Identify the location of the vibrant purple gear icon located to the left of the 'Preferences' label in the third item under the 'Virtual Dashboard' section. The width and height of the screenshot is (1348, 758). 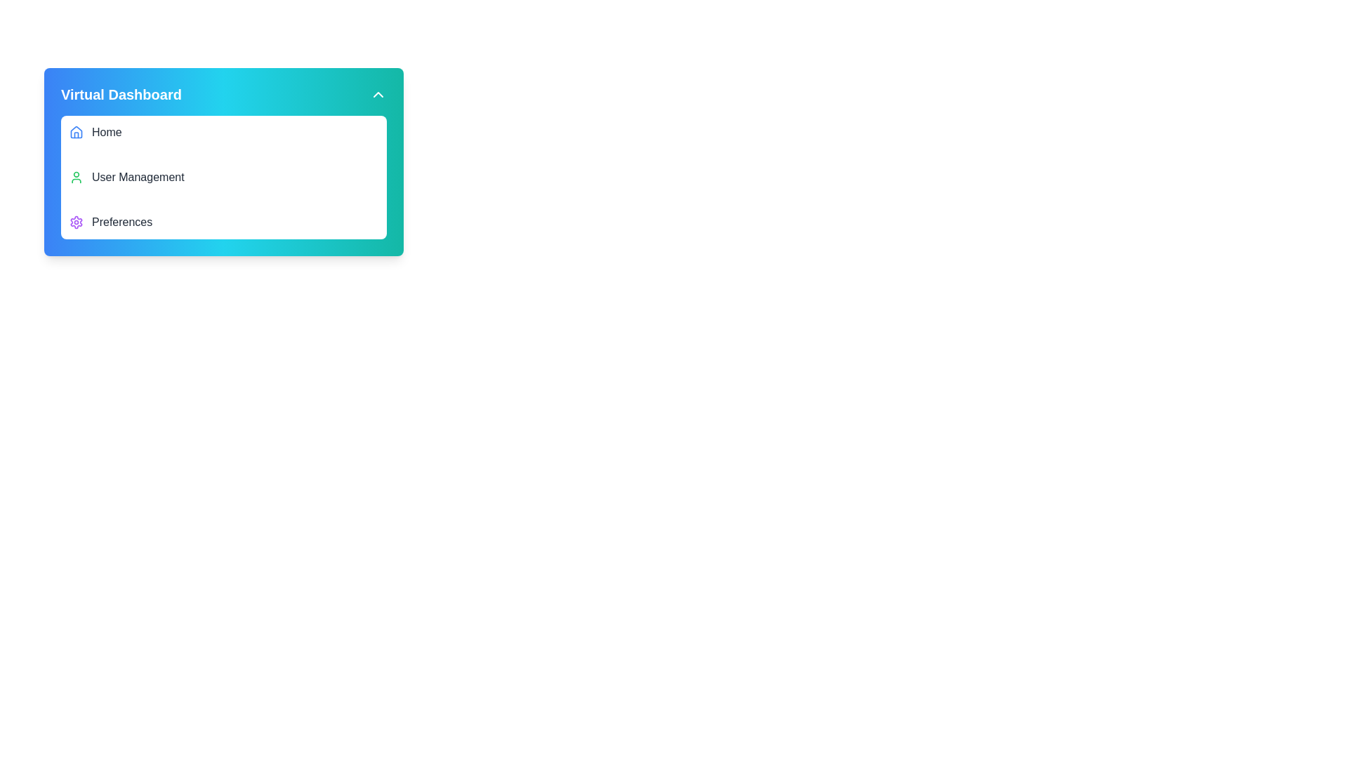
(76, 221).